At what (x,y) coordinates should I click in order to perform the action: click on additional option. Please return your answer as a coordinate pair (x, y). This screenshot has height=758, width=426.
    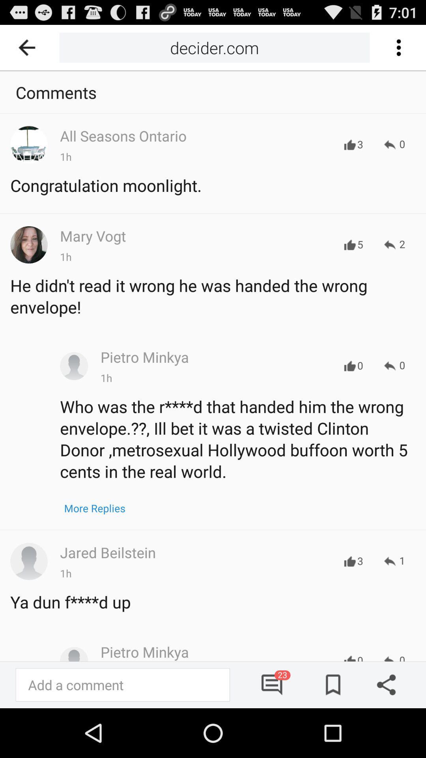
    Looking at the image, I should click on (398, 47).